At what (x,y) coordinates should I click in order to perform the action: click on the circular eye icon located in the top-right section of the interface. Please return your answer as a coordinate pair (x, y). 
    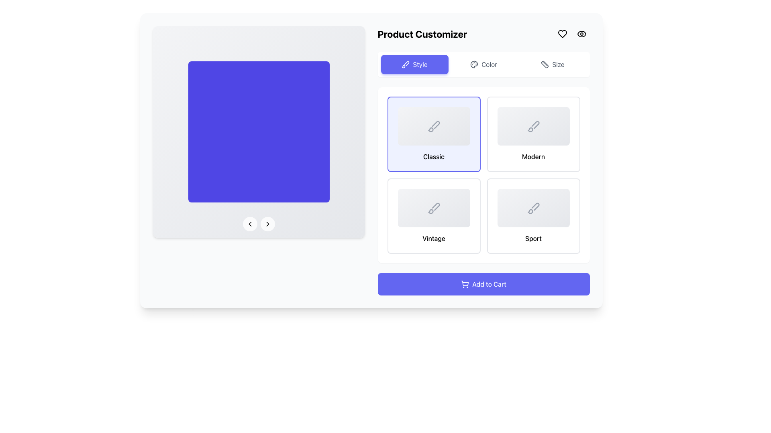
    Looking at the image, I should click on (581, 33).